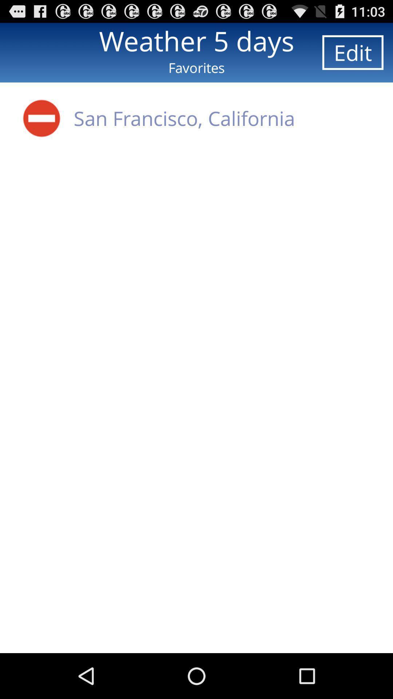 Image resolution: width=393 pixels, height=699 pixels. Describe the element at coordinates (41, 118) in the screenshot. I see `icon below favorites icon` at that location.